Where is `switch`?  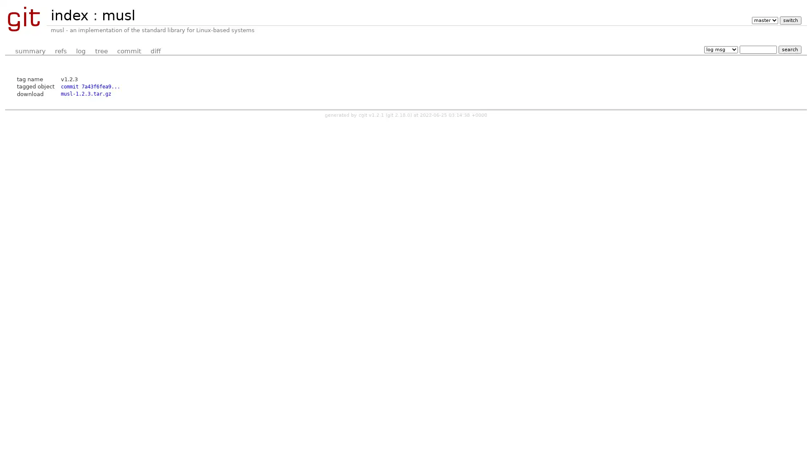
switch is located at coordinates (790, 20).